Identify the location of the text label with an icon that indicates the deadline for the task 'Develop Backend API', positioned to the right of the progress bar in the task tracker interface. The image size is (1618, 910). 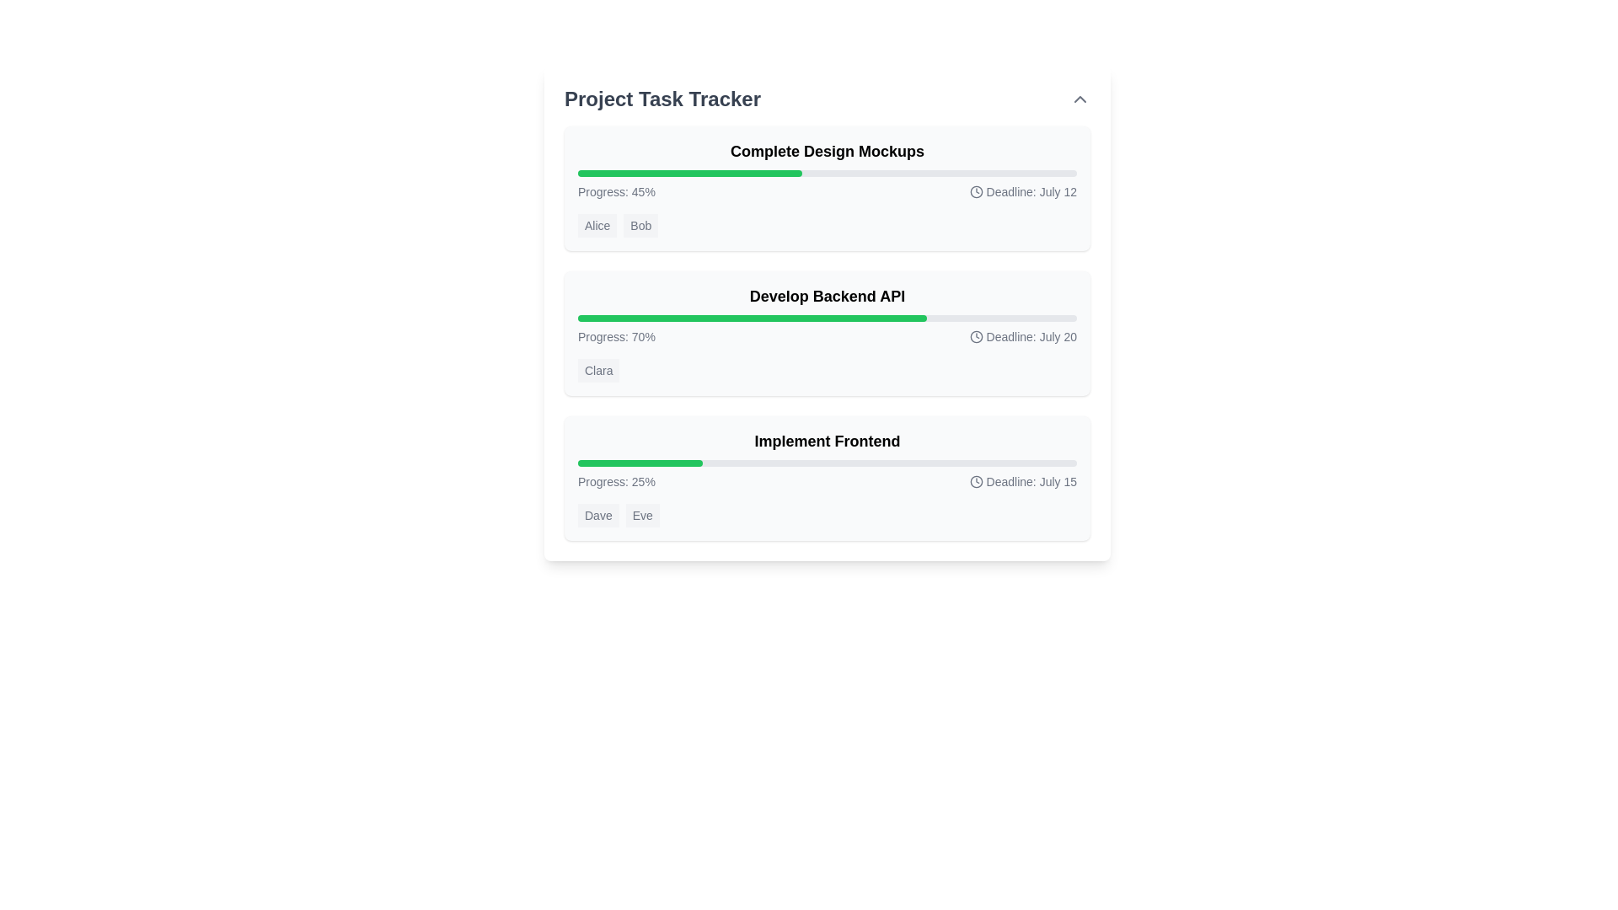
(1022, 337).